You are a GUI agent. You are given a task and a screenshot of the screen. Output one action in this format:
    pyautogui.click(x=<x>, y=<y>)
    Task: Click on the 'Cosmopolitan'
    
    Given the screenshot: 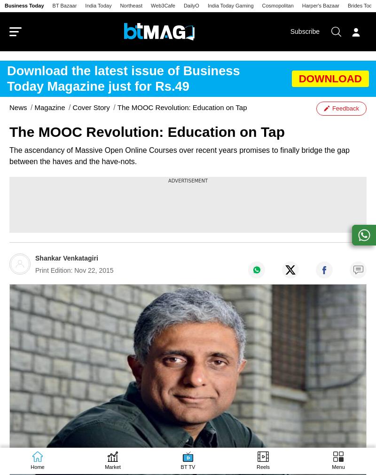 What is the action you would take?
    pyautogui.click(x=277, y=5)
    